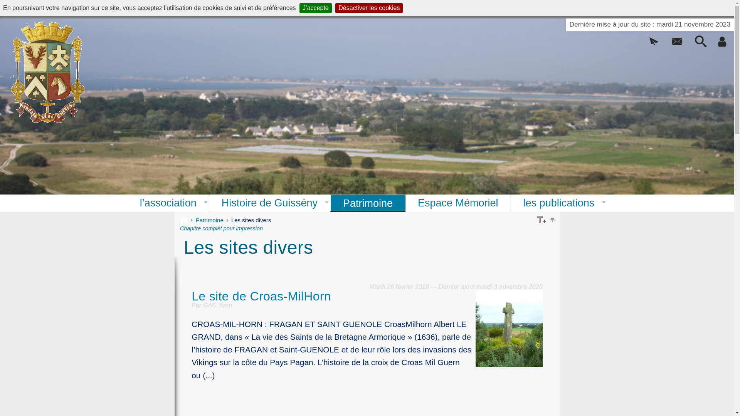 This screenshot has width=740, height=416. What do you see at coordinates (540, 219) in the screenshot?
I see `'Augmenter police'` at bounding box center [540, 219].